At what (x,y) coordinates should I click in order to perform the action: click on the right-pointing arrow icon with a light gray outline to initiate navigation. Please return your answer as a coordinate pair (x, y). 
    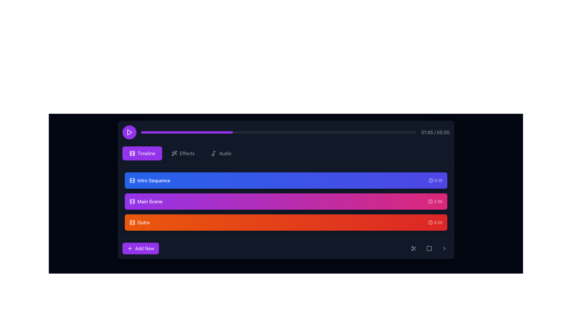
    Looking at the image, I should click on (444, 249).